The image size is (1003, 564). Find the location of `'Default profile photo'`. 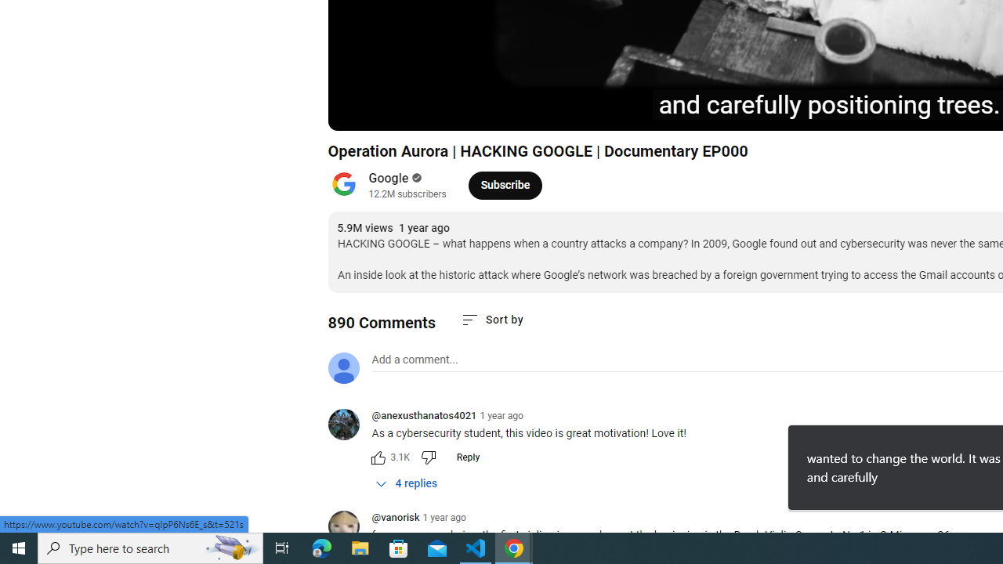

'Default profile photo' is located at coordinates (343, 368).